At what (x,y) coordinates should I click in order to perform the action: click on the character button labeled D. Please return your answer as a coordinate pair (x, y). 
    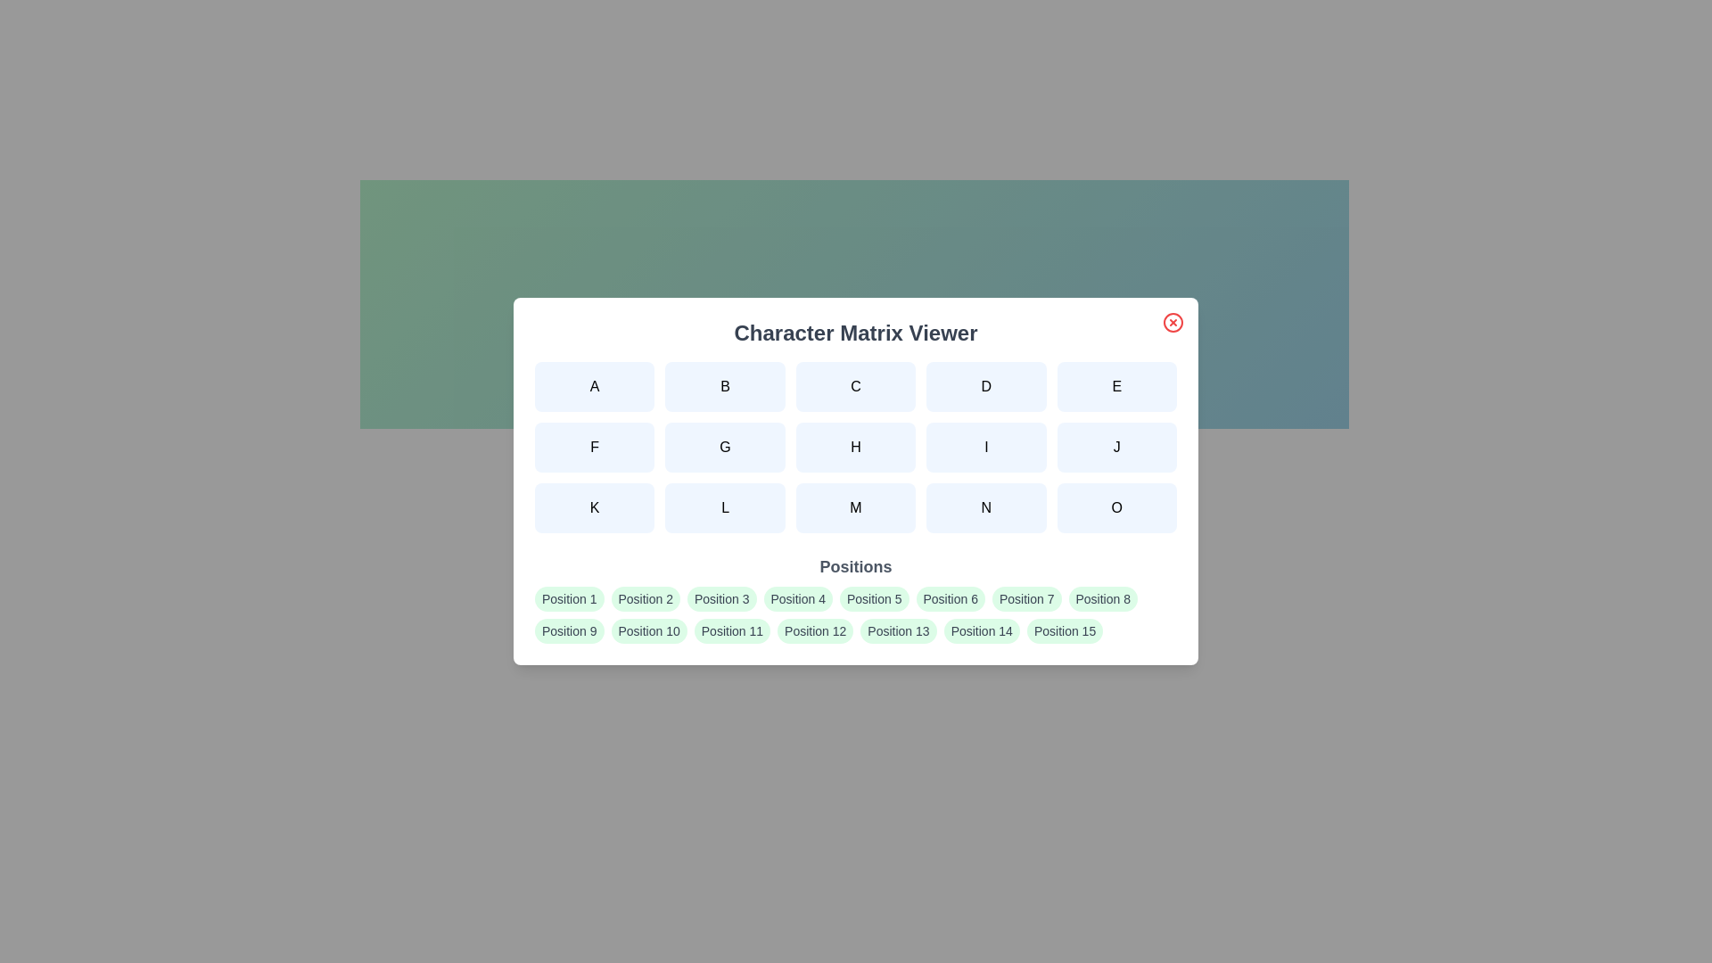
    Looking at the image, I should click on (984, 386).